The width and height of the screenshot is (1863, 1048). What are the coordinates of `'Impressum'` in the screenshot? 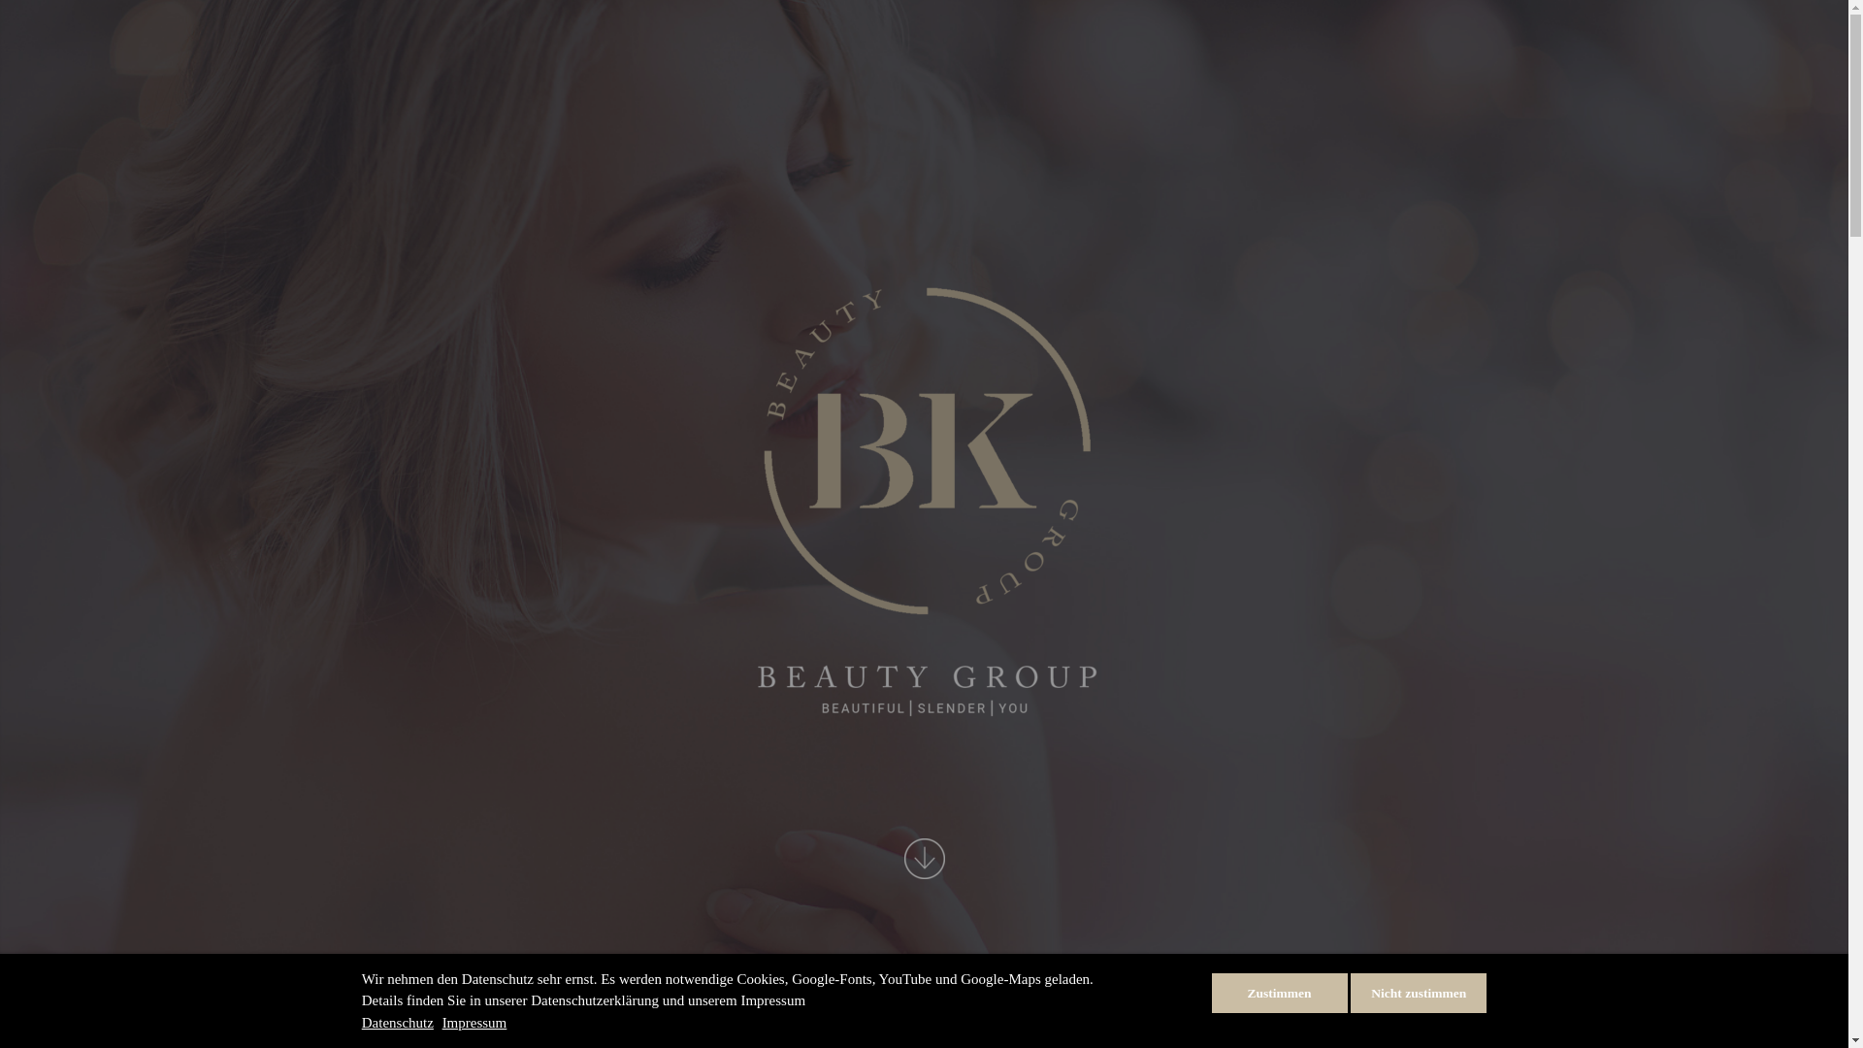 It's located at (474, 1021).